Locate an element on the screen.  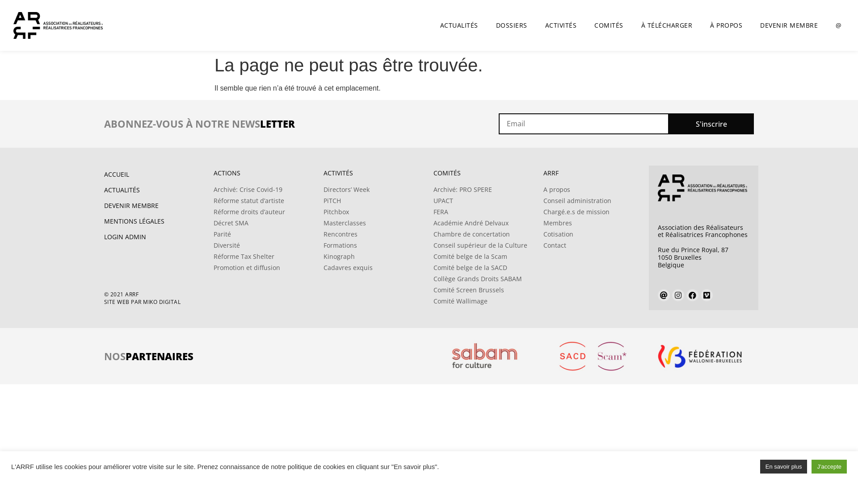
'S'inscrire' is located at coordinates (711, 124).